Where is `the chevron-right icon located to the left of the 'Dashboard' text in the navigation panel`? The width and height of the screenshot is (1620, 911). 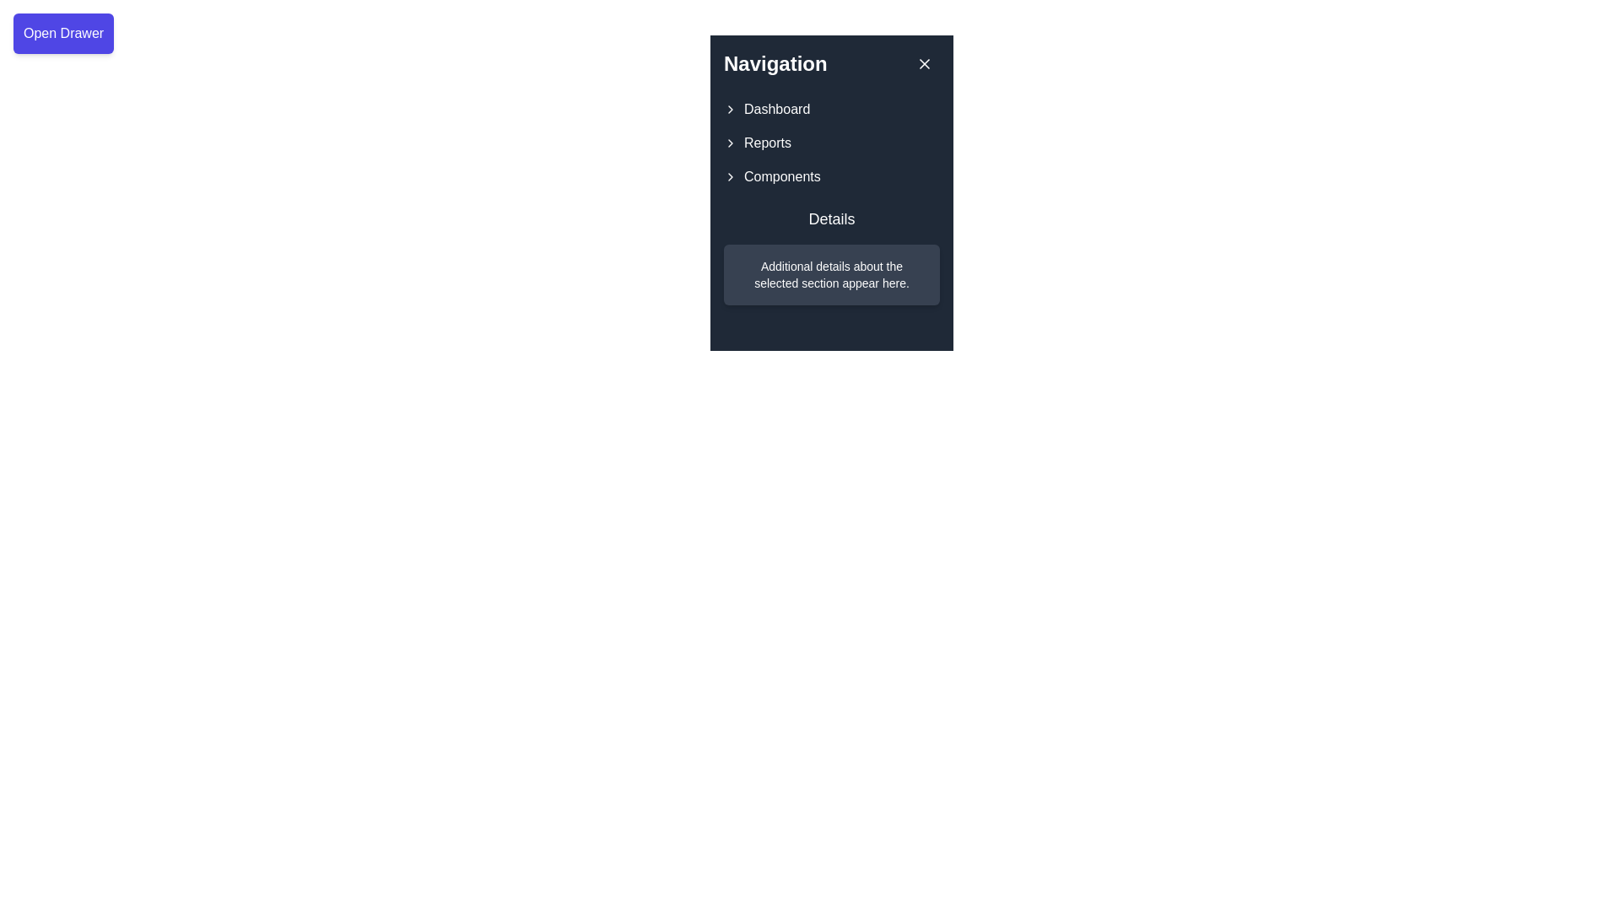
the chevron-right icon located to the left of the 'Dashboard' text in the navigation panel is located at coordinates (730, 110).